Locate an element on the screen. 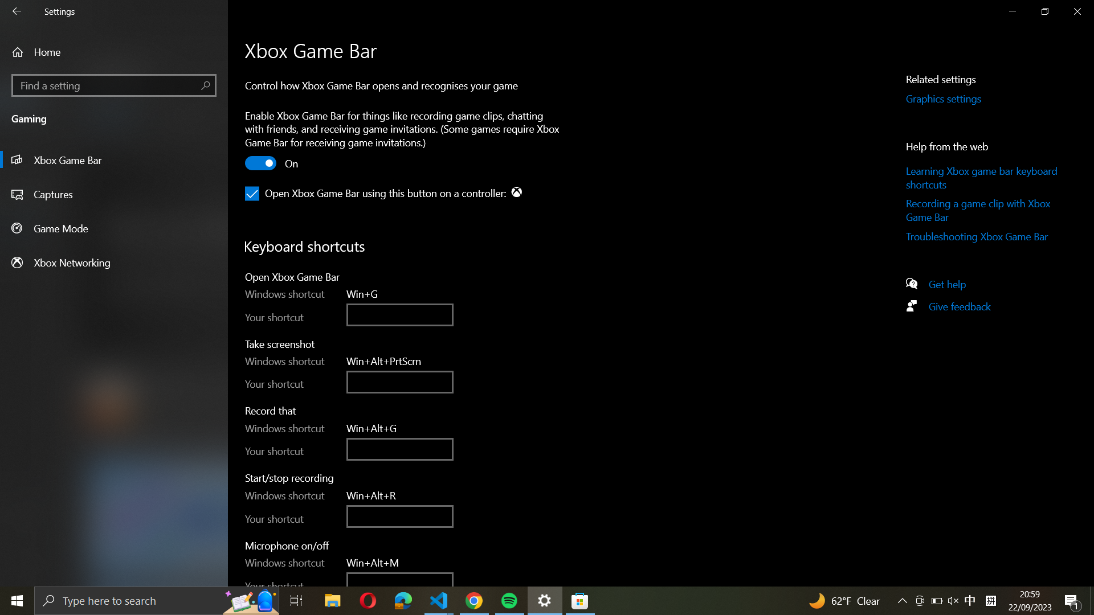 The image size is (1094, 615). up a shortcut "Win+M" for enabling/disabling the microphone is located at coordinates (768535, 625455).